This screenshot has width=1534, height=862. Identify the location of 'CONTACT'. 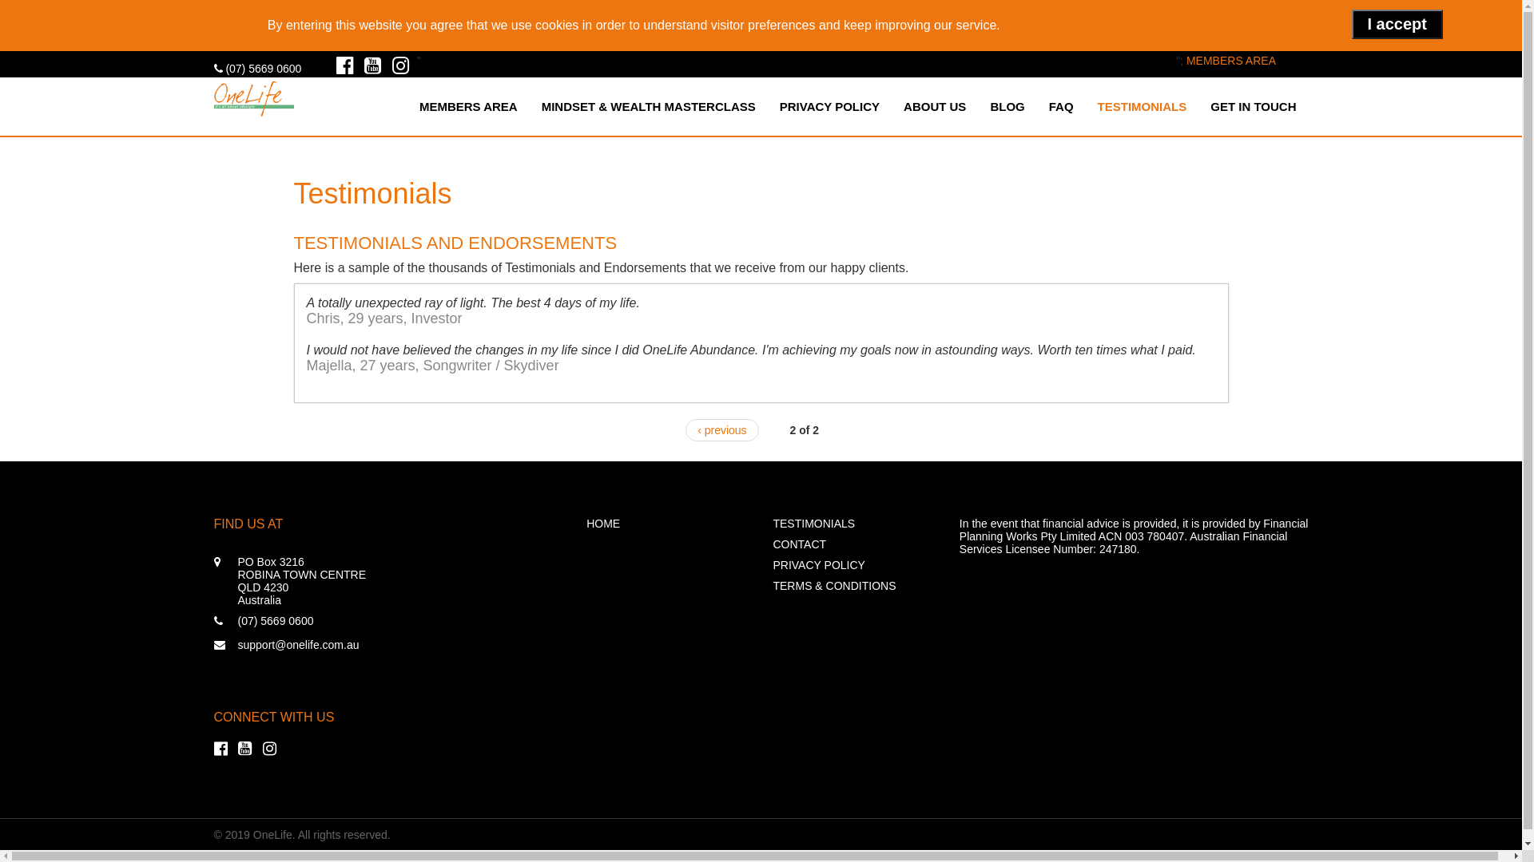
(772, 544).